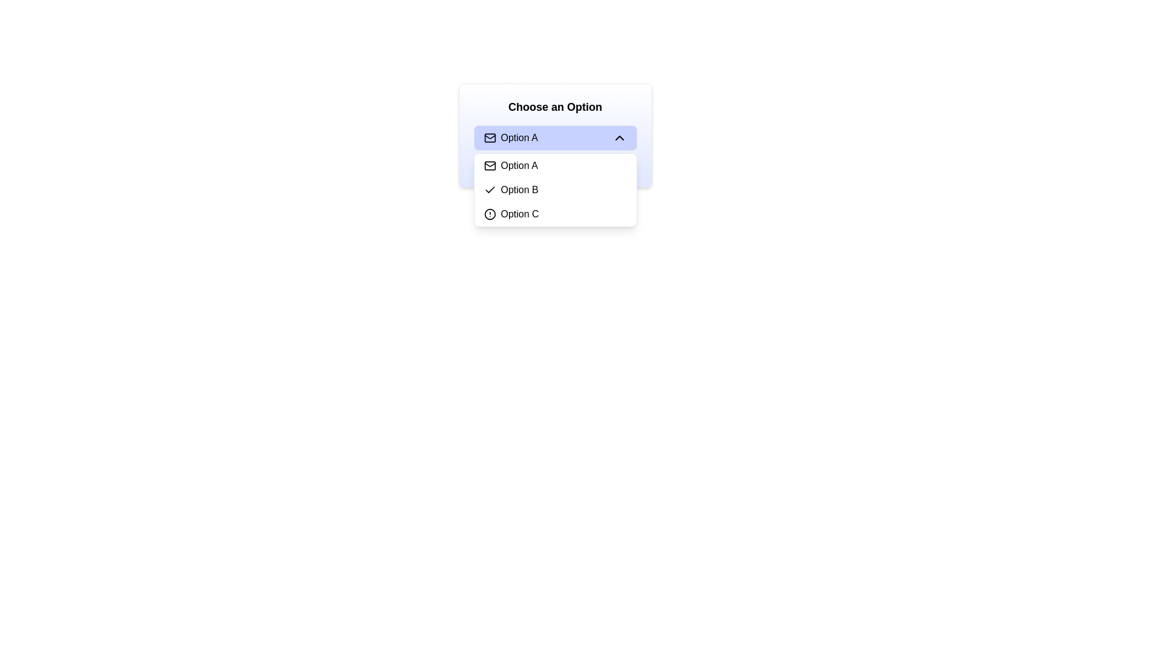 Image resolution: width=1162 pixels, height=654 pixels. Describe the element at coordinates (490, 165) in the screenshot. I see `the envelope icon located in the dropdown menu adjacent to 'Option A'` at that location.